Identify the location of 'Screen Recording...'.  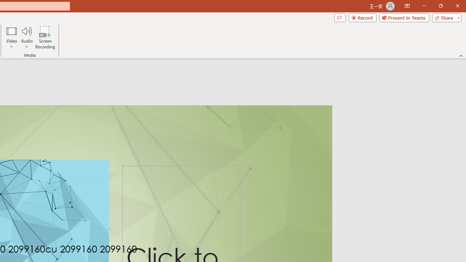
(45, 37).